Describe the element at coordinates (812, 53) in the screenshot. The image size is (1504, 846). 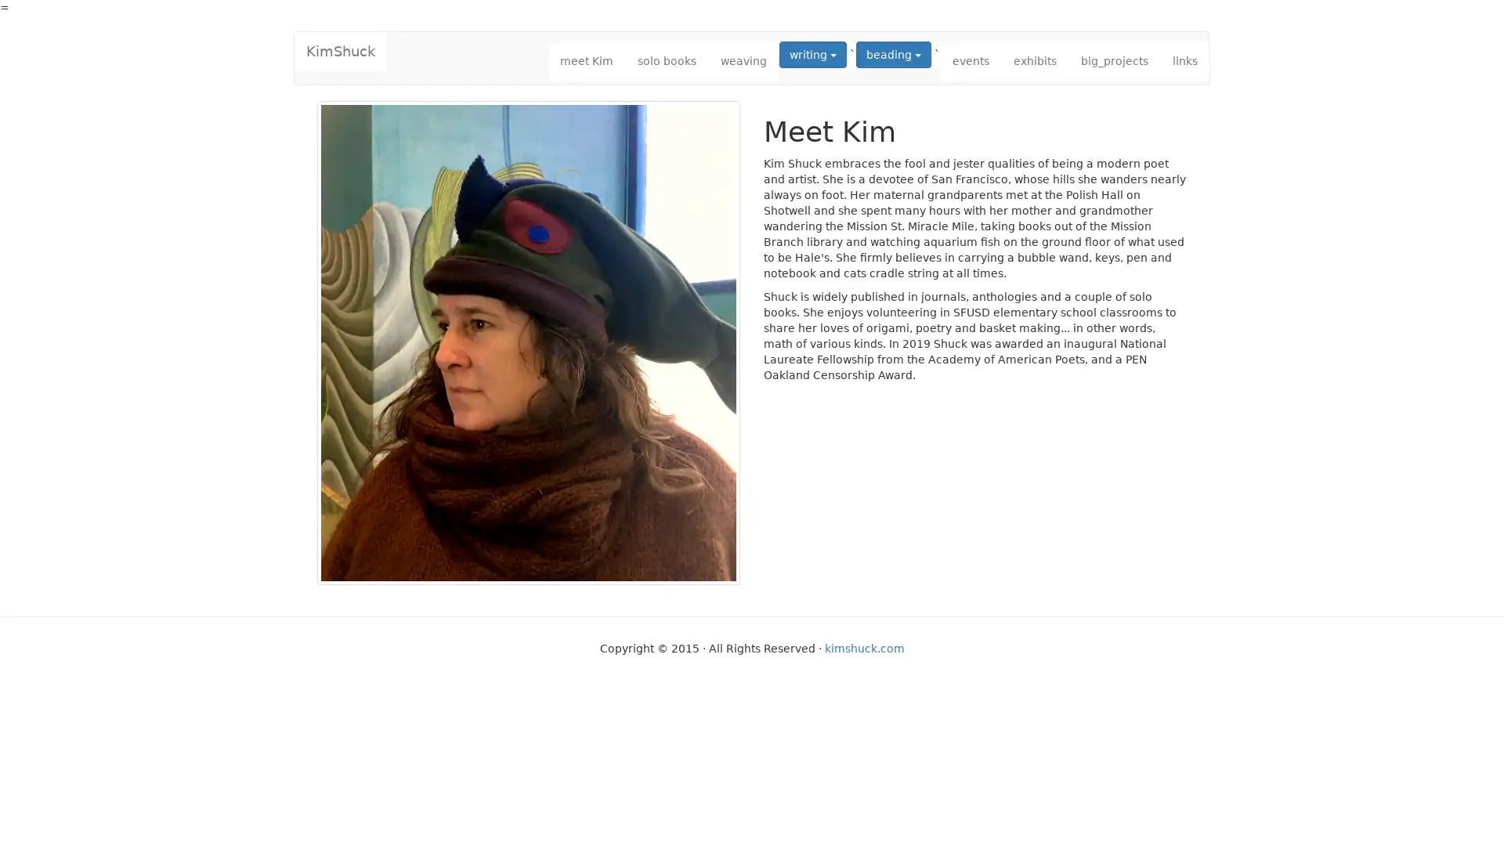
I see `writing` at that location.